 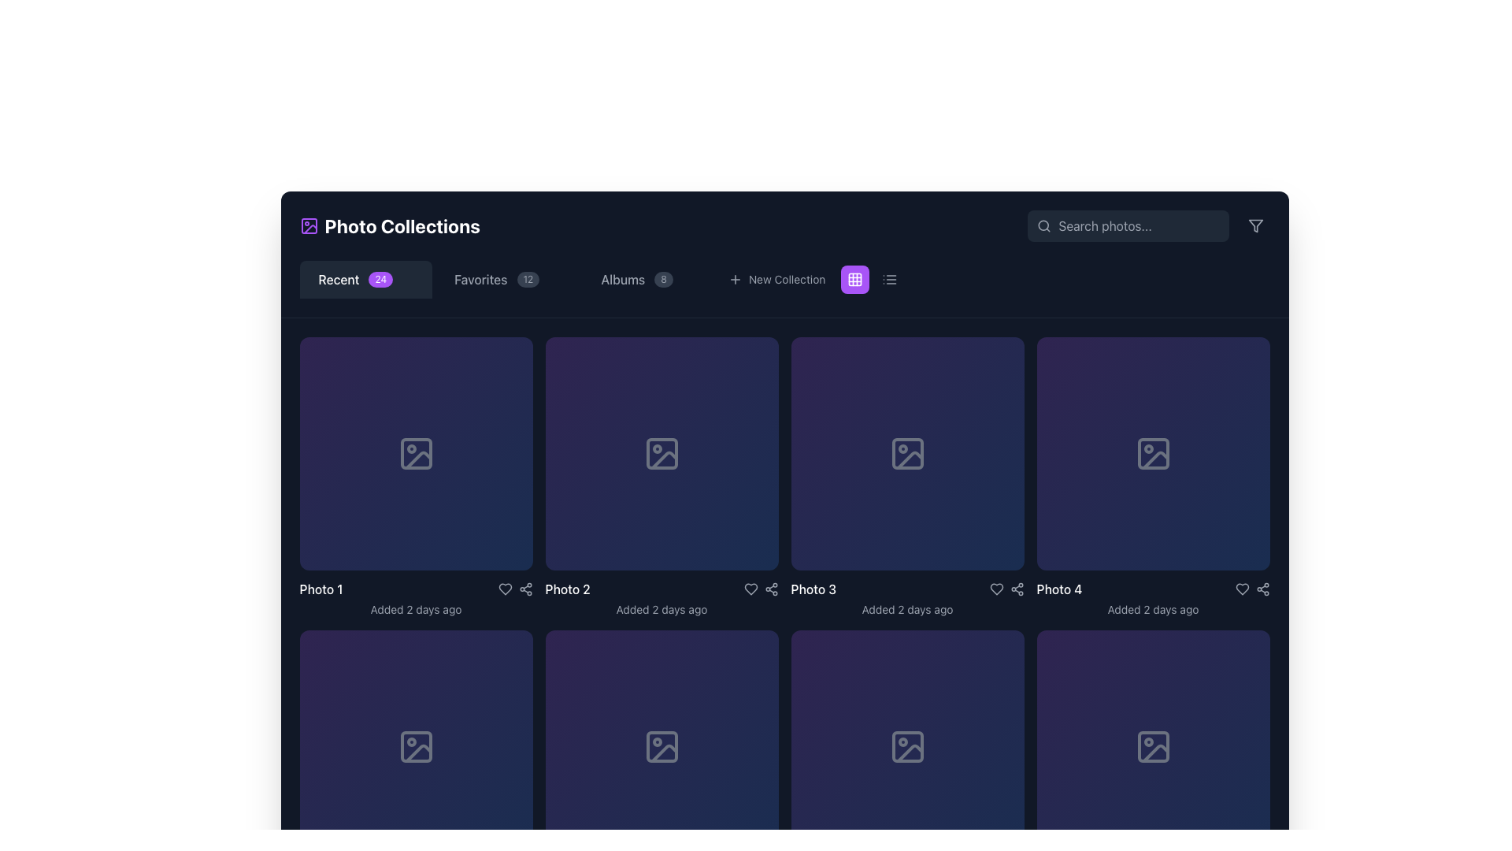 What do you see at coordinates (661, 453) in the screenshot?
I see `the background graphical rectangle that represents the placeholder for an image icon in the SVG image representation located in the second column of the first row of the grid layout` at bounding box center [661, 453].